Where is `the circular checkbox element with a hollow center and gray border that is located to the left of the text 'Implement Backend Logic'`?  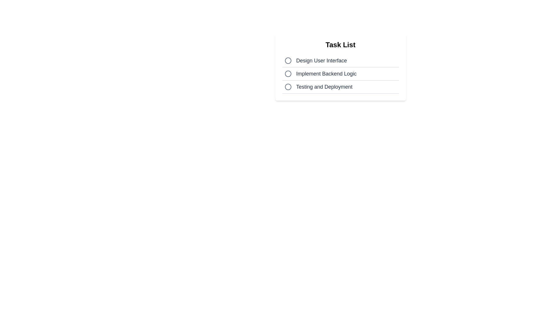 the circular checkbox element with a hollow center and gray border that is located to the left of the text 'Implement Backend Logic' is located at coordinates (288, 73).